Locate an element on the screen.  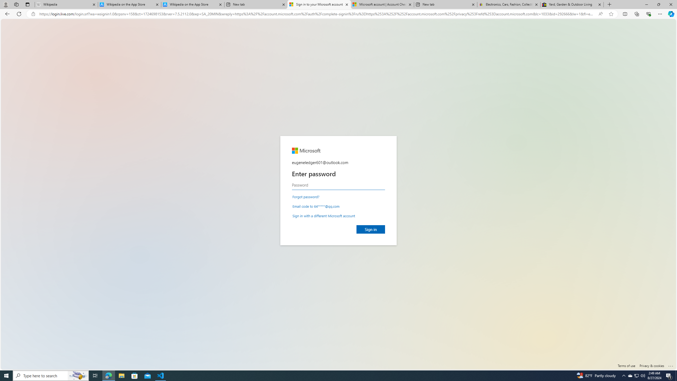
'Sign in with a different Microsoft account' is located at coordinates (323, 216).